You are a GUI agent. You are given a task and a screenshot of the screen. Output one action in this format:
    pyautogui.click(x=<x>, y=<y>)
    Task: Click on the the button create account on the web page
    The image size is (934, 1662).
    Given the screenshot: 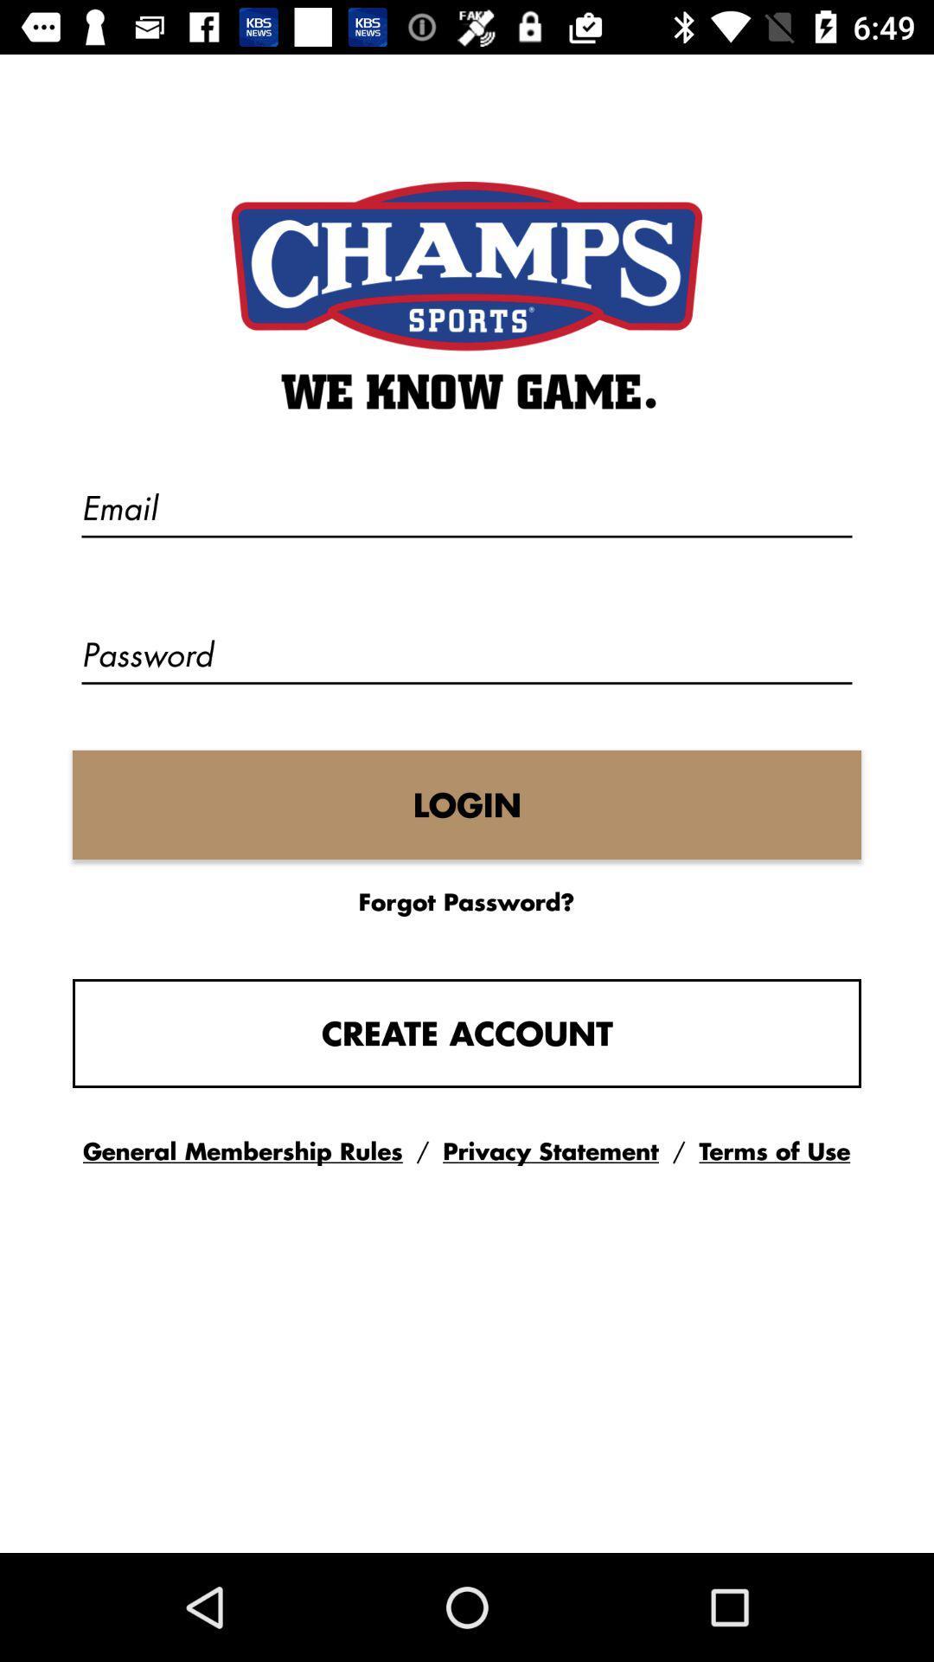 What is the action you would take?
    pyautogui.click(x=467, y=1034)
    